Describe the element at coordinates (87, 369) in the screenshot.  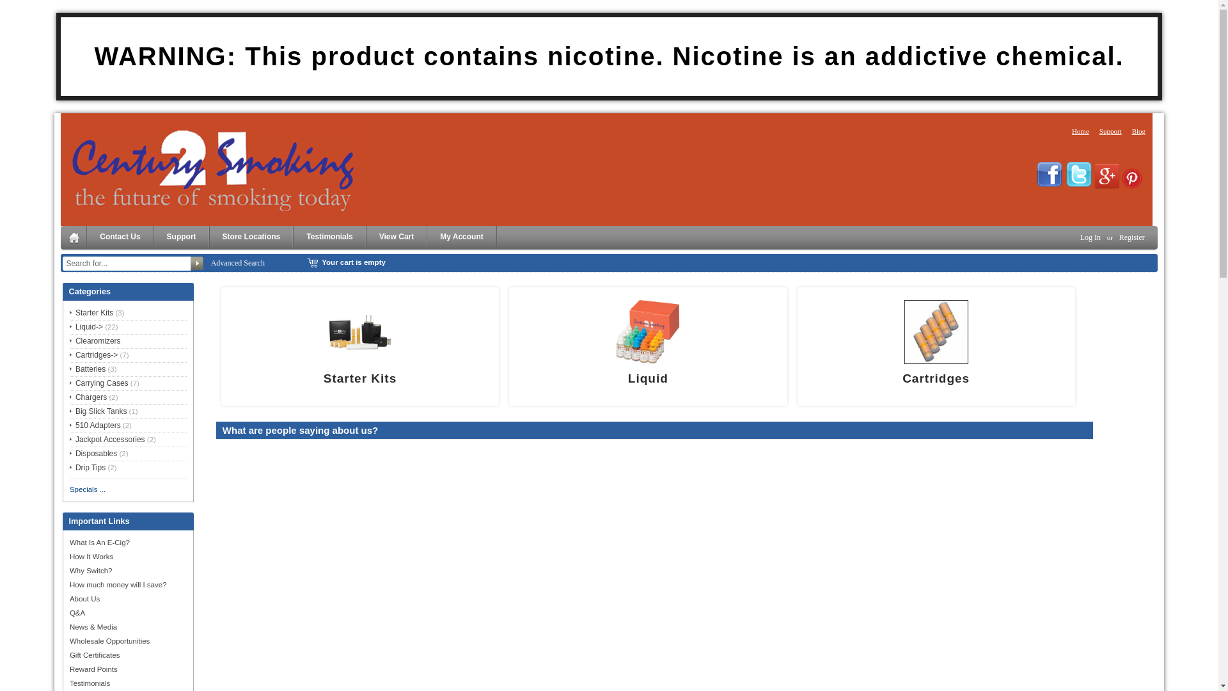
I see `'Batteries'` at that location.